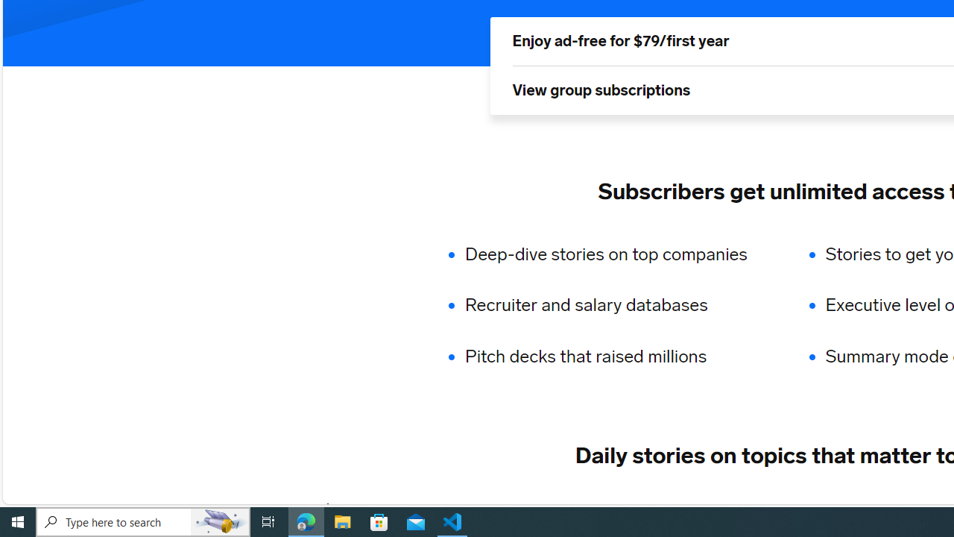  Describe the element at coordinates (616, 253) in the screenshot. I see `'Deep-dive stories on top companies'` at that location.